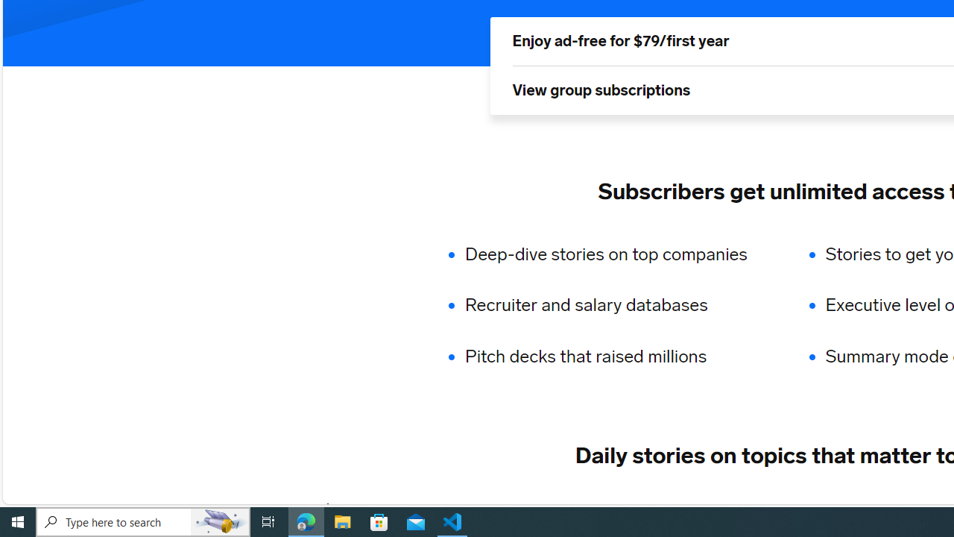  Describe the element at coordinates (616, 253) in the screenshot. I see `'Deep-dive stories on top companies'` at that location.